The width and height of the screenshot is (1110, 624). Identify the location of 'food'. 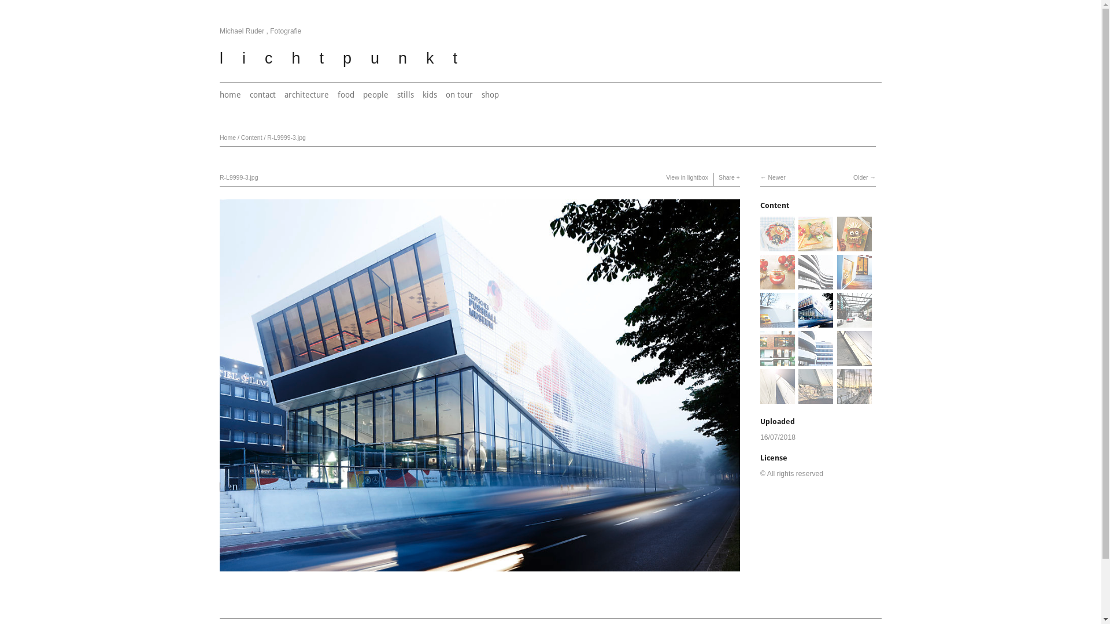
(345, 94).